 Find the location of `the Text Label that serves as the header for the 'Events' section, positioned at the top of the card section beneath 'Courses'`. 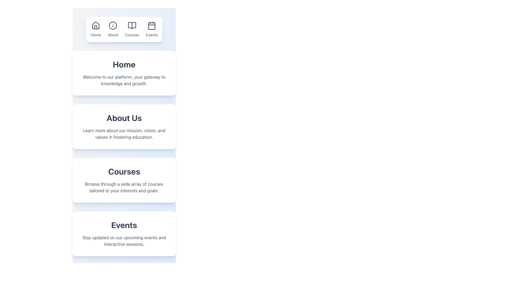

the Text Label that serves as the header for the 'Events' section, positioned at the top of the card section beneath 'Courses' is located at coordinates (124, 225).